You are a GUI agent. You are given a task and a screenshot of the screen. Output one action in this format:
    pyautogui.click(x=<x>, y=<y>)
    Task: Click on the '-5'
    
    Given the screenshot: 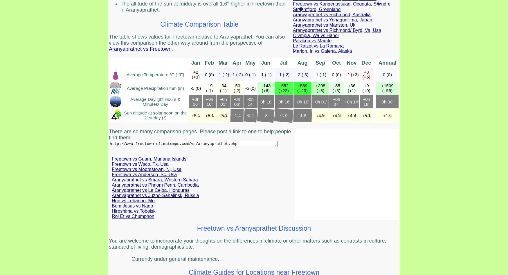 What is the action you would take?
    pyautogui.click(x=265, y=115)
    